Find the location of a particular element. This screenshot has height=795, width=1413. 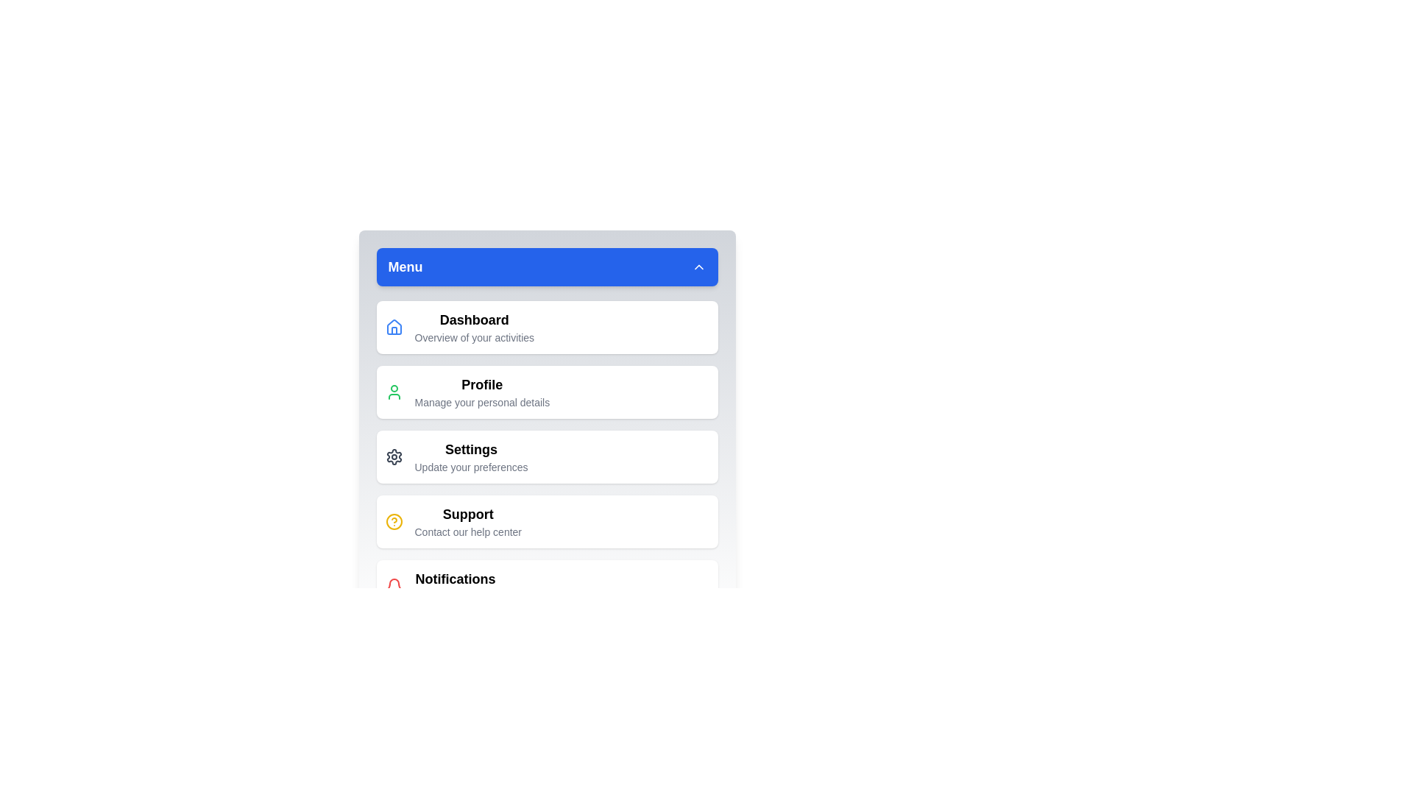

the vector graphic icon representing a house, which is styled with blue strokes and located in the first icon row of the side menu is located at coordinates (394, 326).